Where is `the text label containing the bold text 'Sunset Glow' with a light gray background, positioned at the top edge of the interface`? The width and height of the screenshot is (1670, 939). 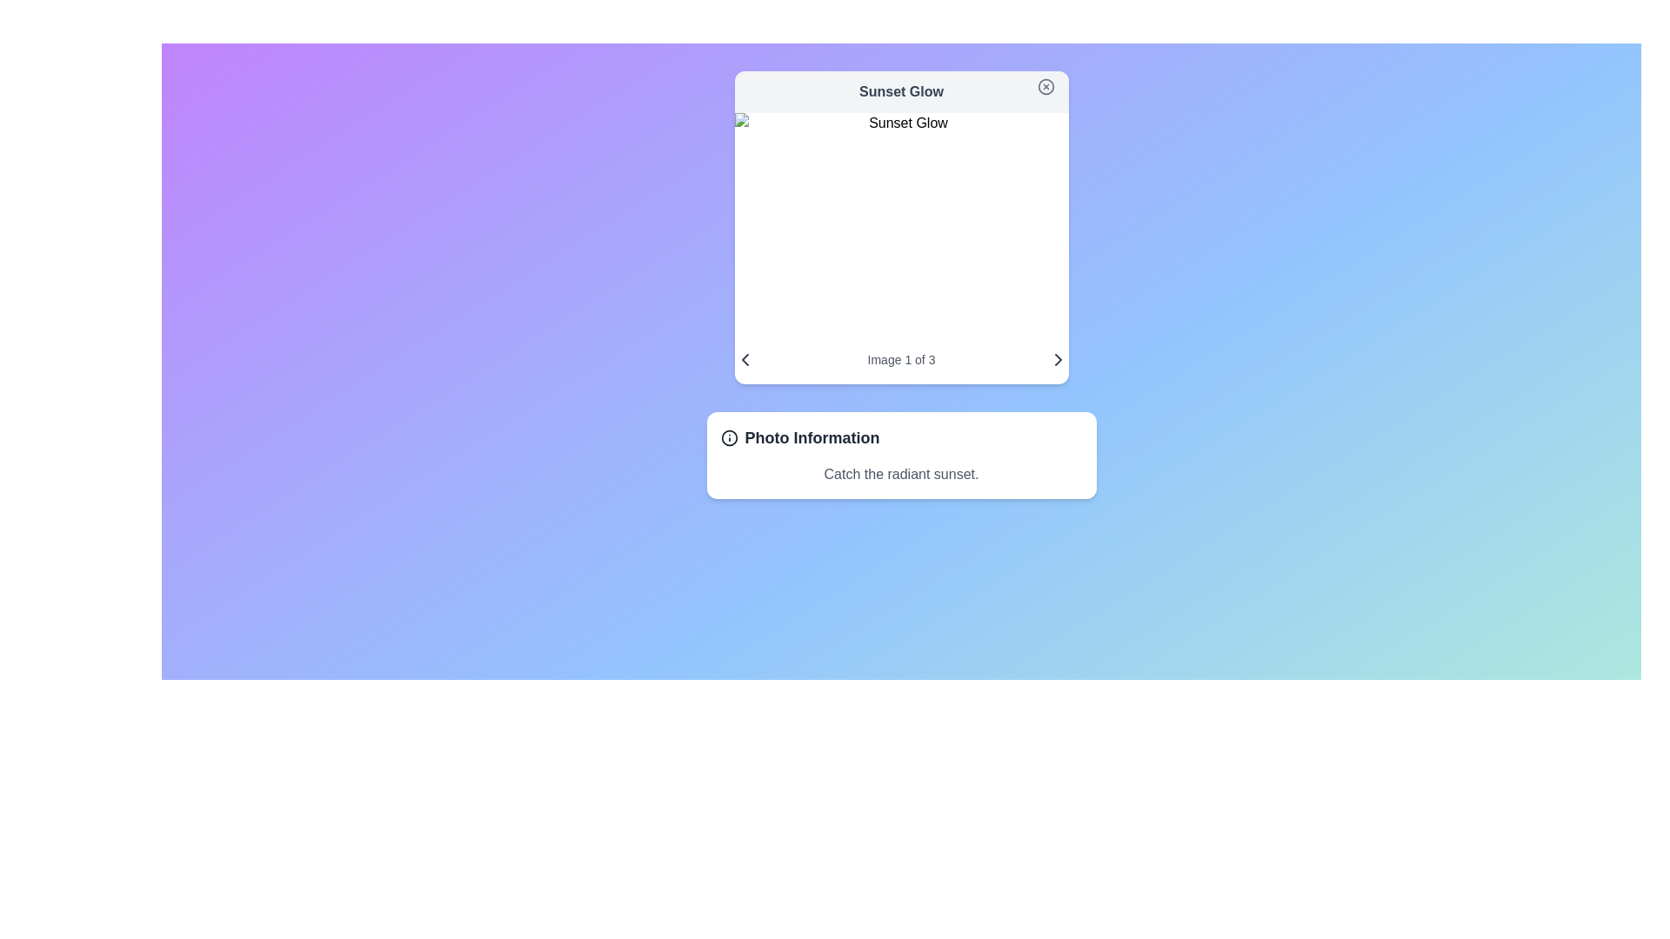
the text label containing the bold text 'Sunset Glow' with a light gray background, positioned at the top edge of the interface is located at coordinates (901, 91).